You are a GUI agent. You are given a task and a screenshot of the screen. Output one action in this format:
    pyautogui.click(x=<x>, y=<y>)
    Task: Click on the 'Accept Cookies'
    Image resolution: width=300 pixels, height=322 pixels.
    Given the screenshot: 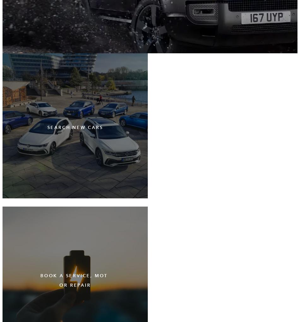 What is the action you would take?
    pyautogui.click(x=83, y=290)
    